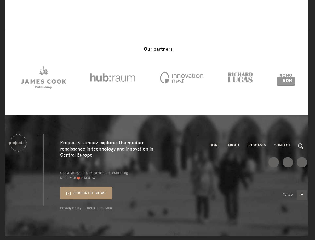  Describe the element at coordinates (54, 20) in the screenshot. I see `'Mark:'` at that location.